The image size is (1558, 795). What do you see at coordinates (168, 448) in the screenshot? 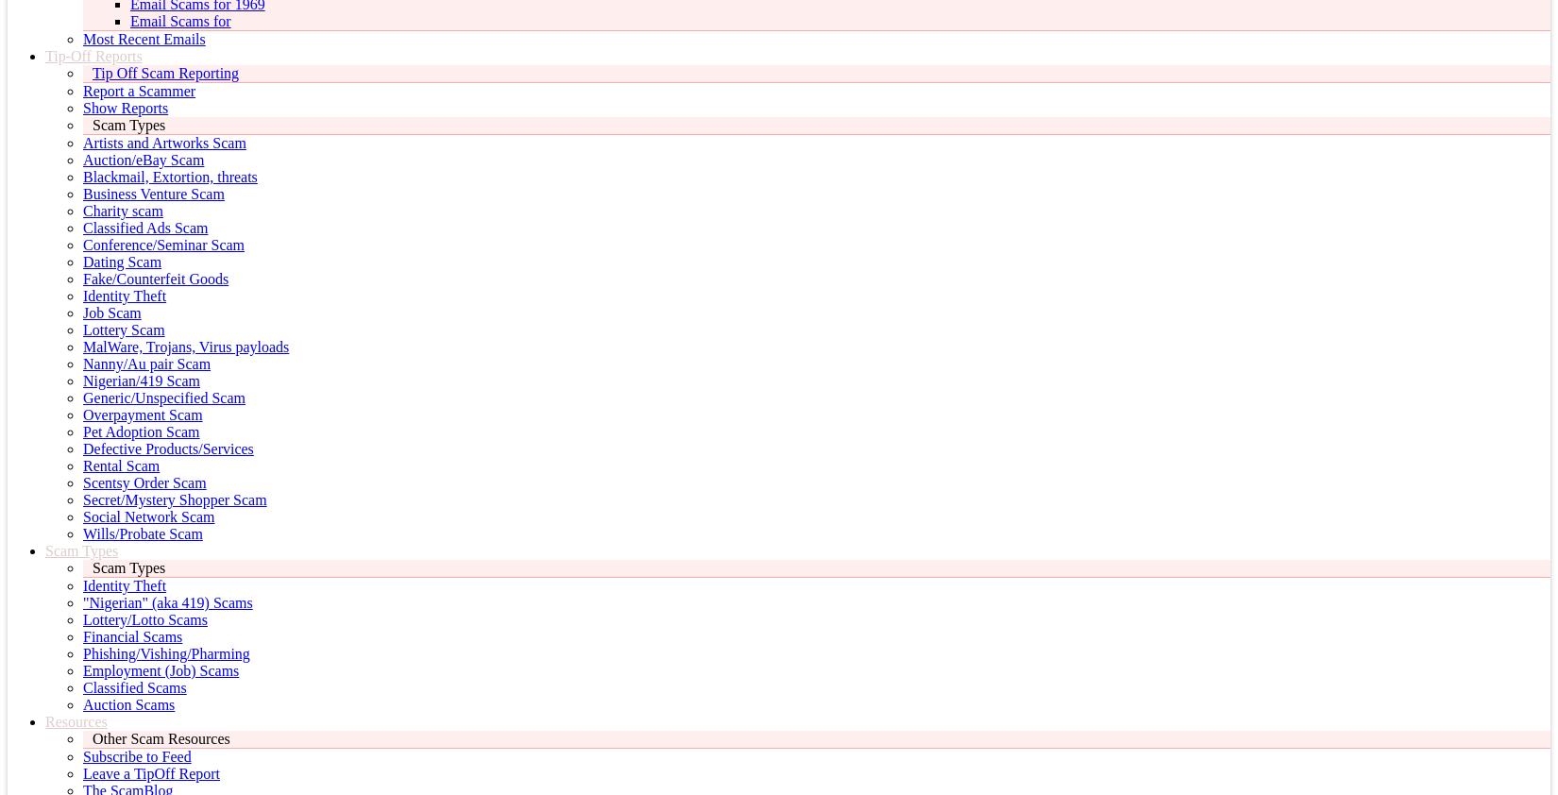
I see `'Defective Products/Services'` at bounding box center [168, 448].